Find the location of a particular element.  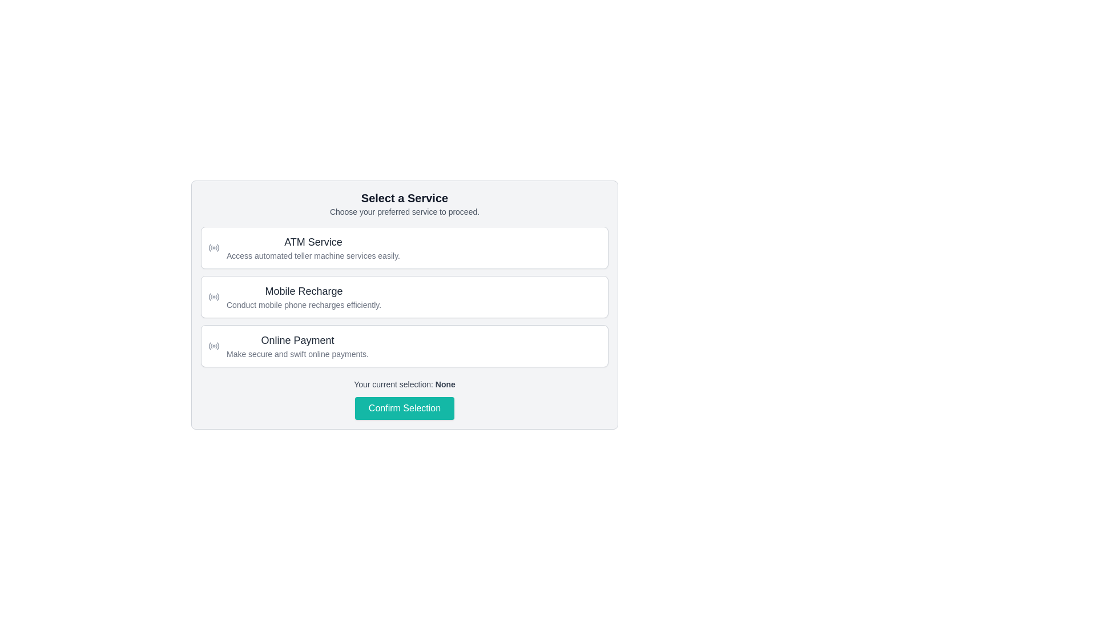

the area around the text label that describes the functionality of the service option is located at coordinates (313, 242).